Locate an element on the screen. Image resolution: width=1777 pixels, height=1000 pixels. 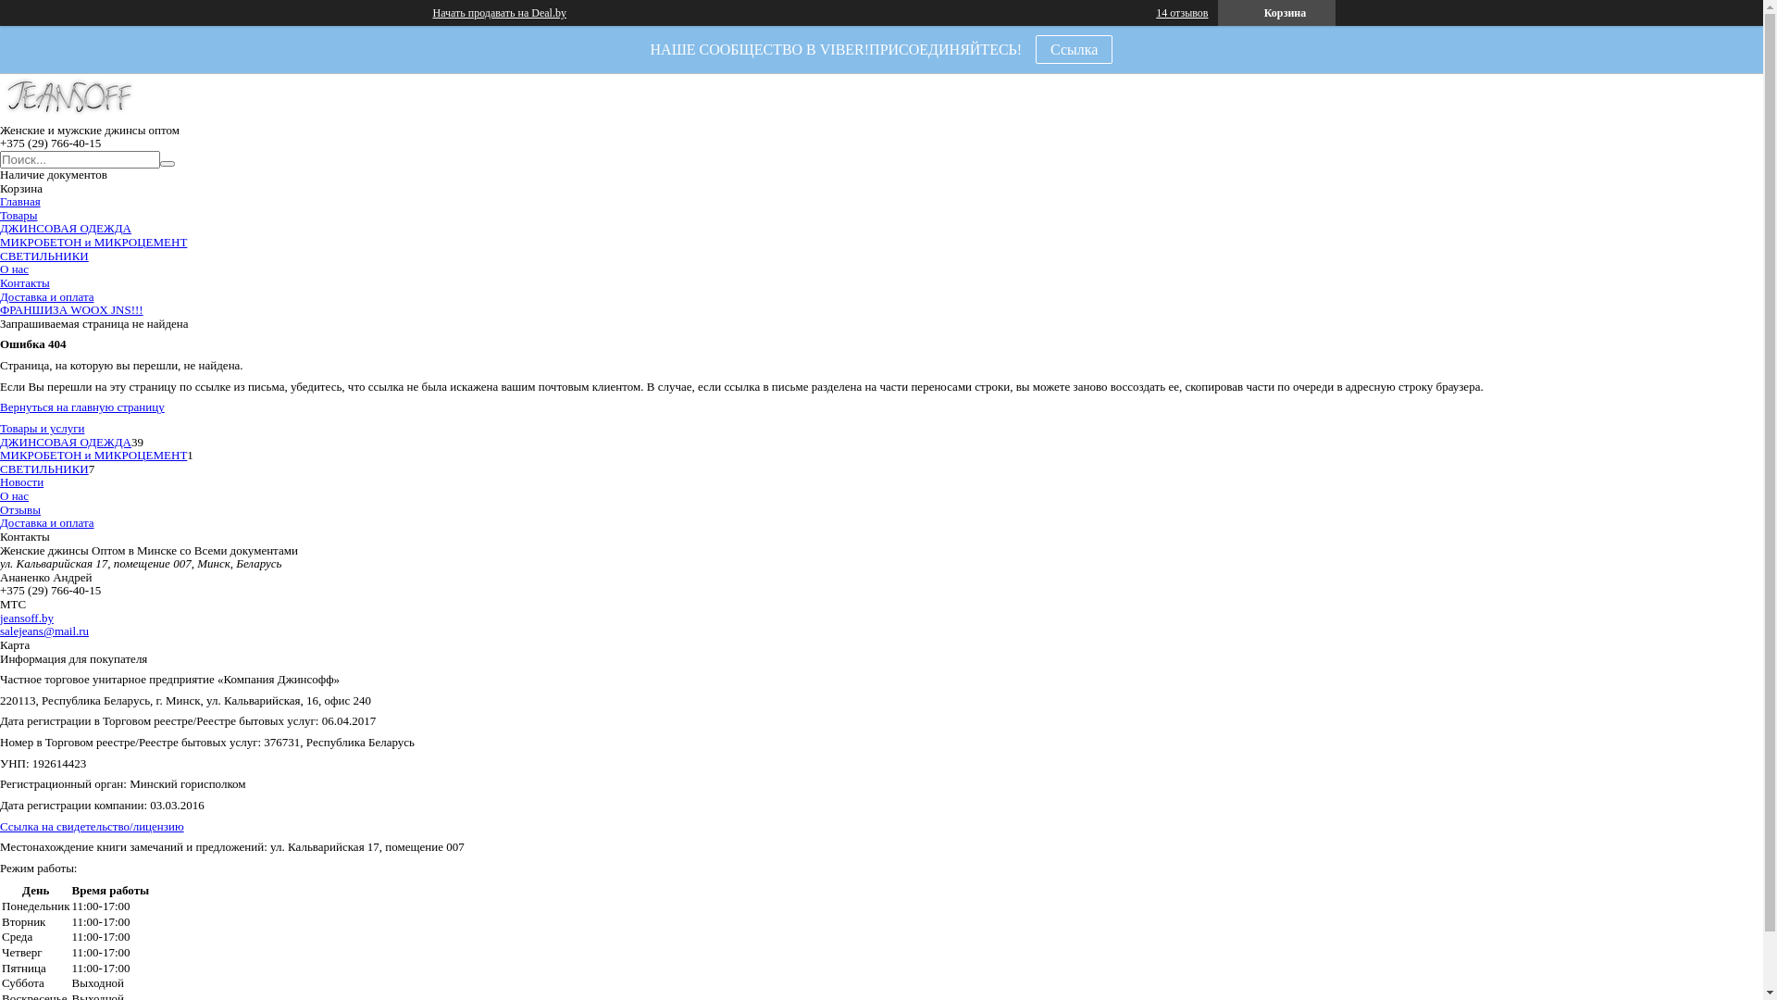
'jeansoff.by' is located at coordinates (26, 618).